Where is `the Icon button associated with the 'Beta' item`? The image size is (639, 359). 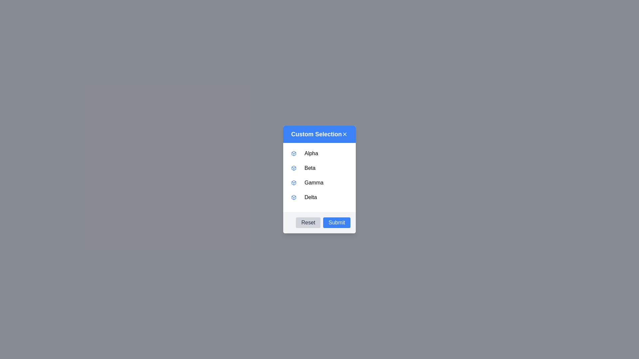
the Icon button associated with the 'Beta' item is located at coordinates (294, 168).